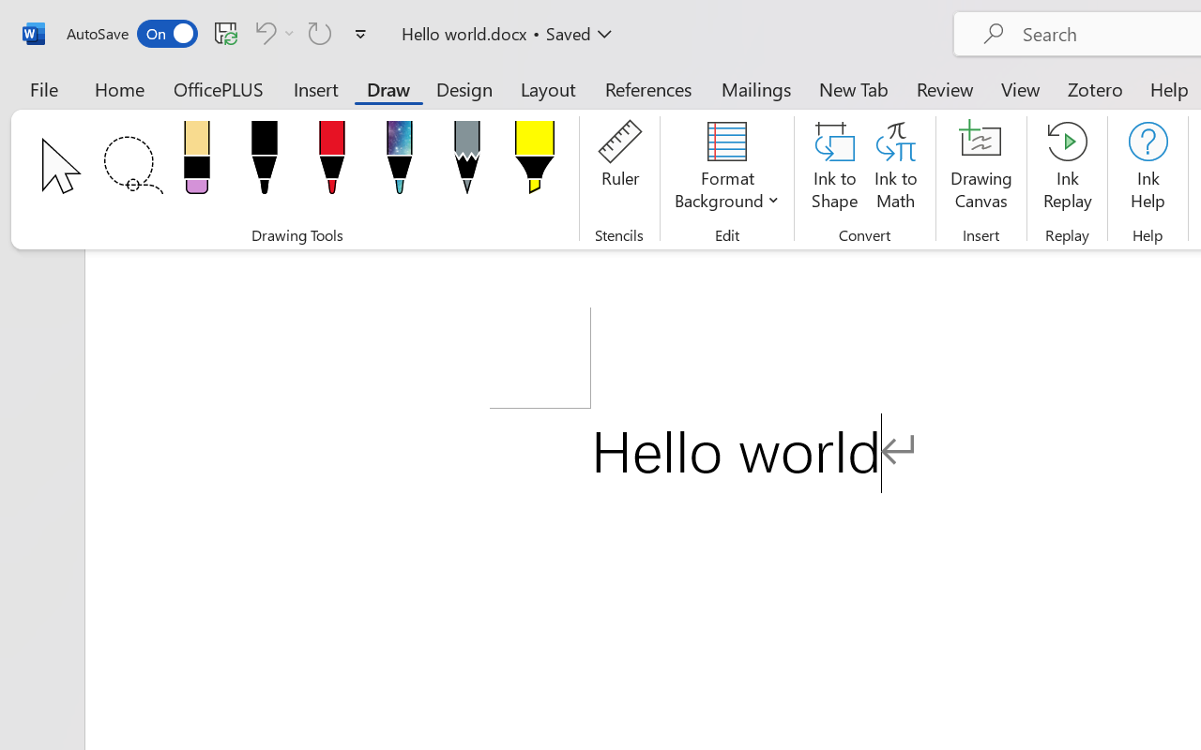 This screenshot has height=750, width=1201. What do you see at coordinates (945, 88) in the screenshot?
I see `'Review'` at bounding box center [945, 88].